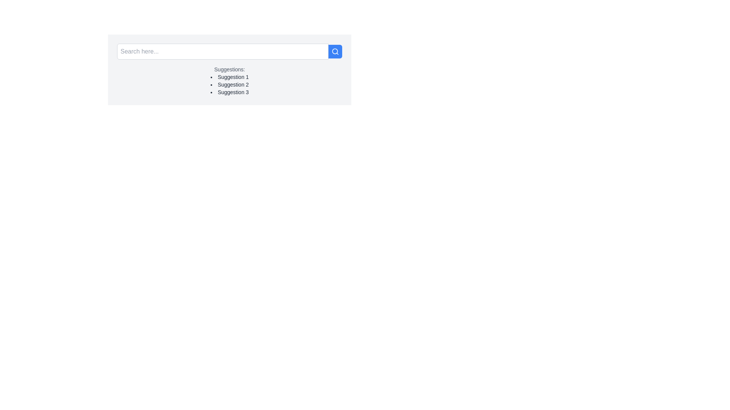  I want to click on the search icon located inside the blue circular button in the top-right corner of the search bar to initiate a search, so click(335, 51).